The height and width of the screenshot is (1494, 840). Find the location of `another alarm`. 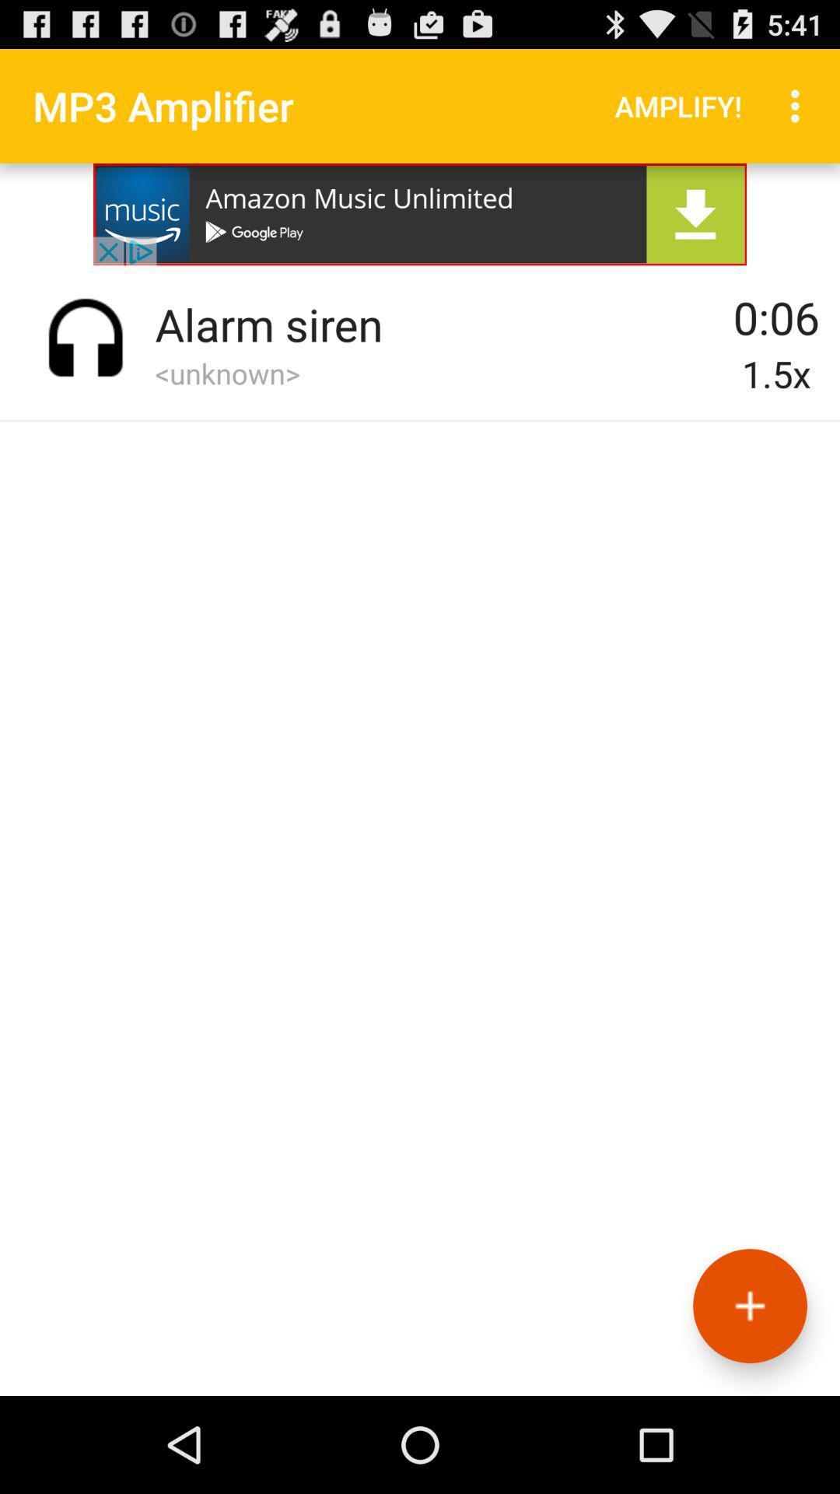

another alarm is located at coordinates (749, 1306).